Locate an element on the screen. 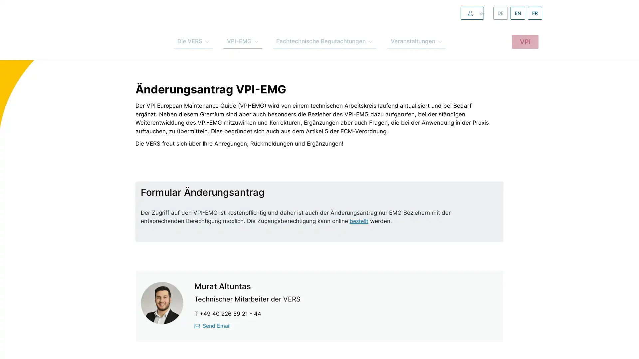 The width and height of the screenshot is (639, 359). Login is located at coordinates (456, 13).